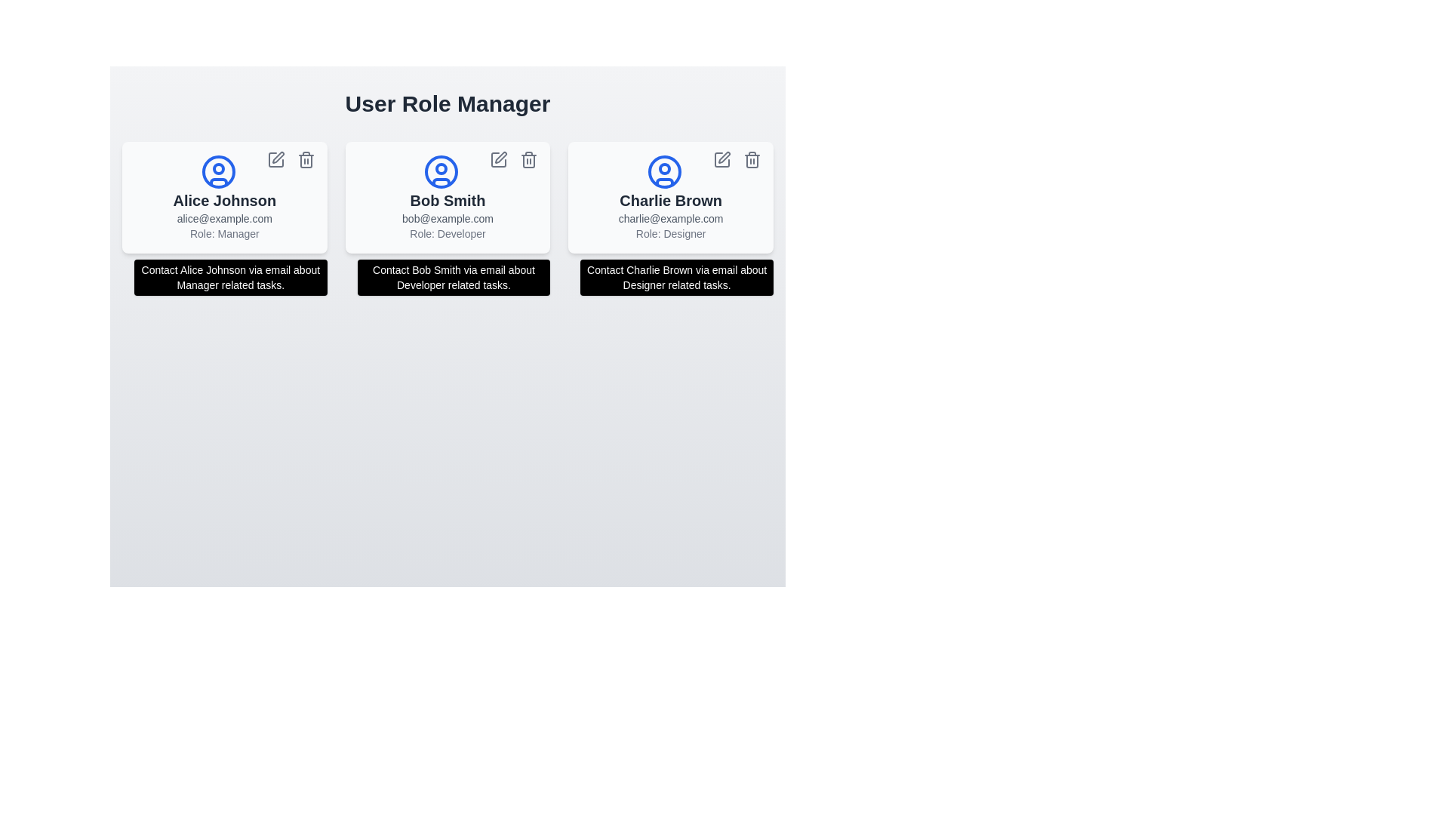 The width and height of the screenshot is (1449, 815). What do you see at coordinates (217, 168) in the screenshot?
I see `the small filled circular shape located in the head area of the user icon, which is part of the card layout containing the name 'Alice Johnson' and the role 'Manager'` at bounding box center [217, 168].